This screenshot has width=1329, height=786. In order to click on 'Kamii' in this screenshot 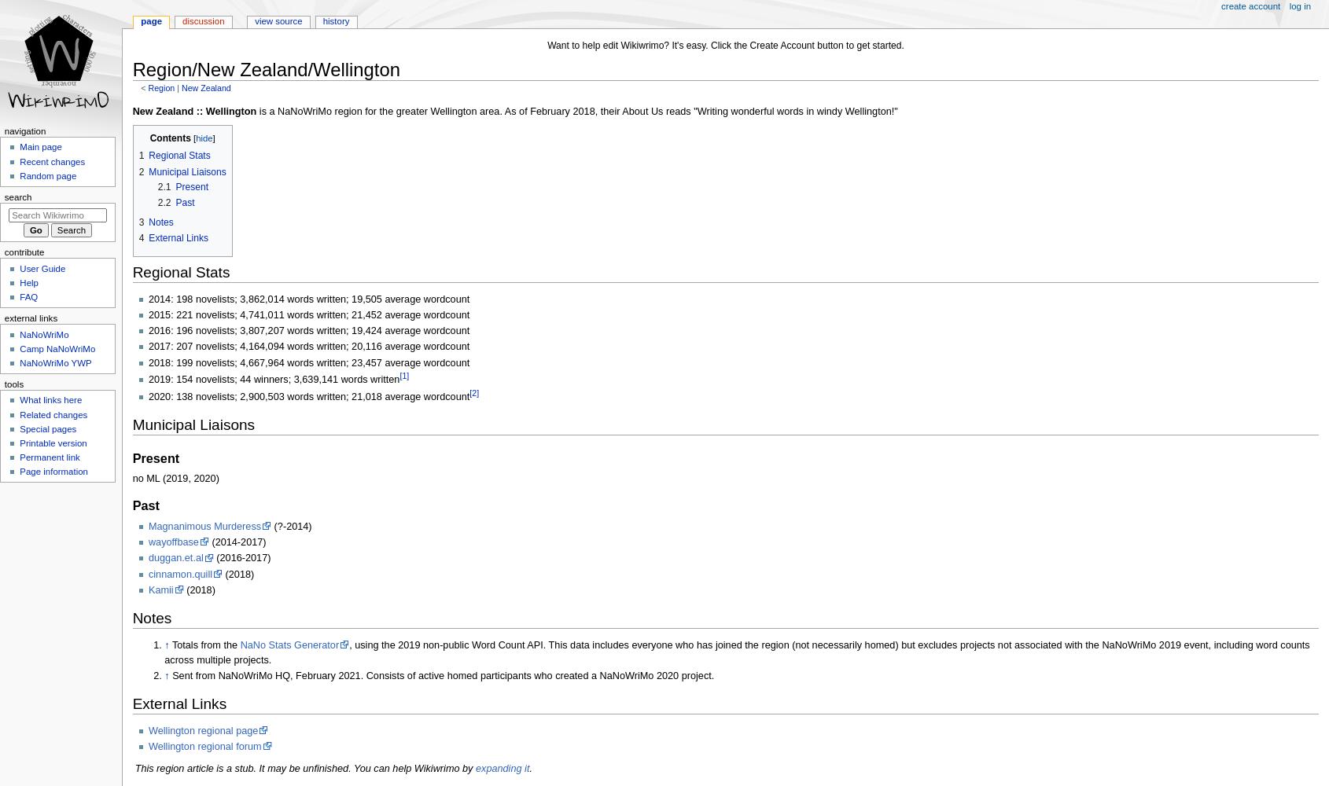, I will do `click(146, 589)`.